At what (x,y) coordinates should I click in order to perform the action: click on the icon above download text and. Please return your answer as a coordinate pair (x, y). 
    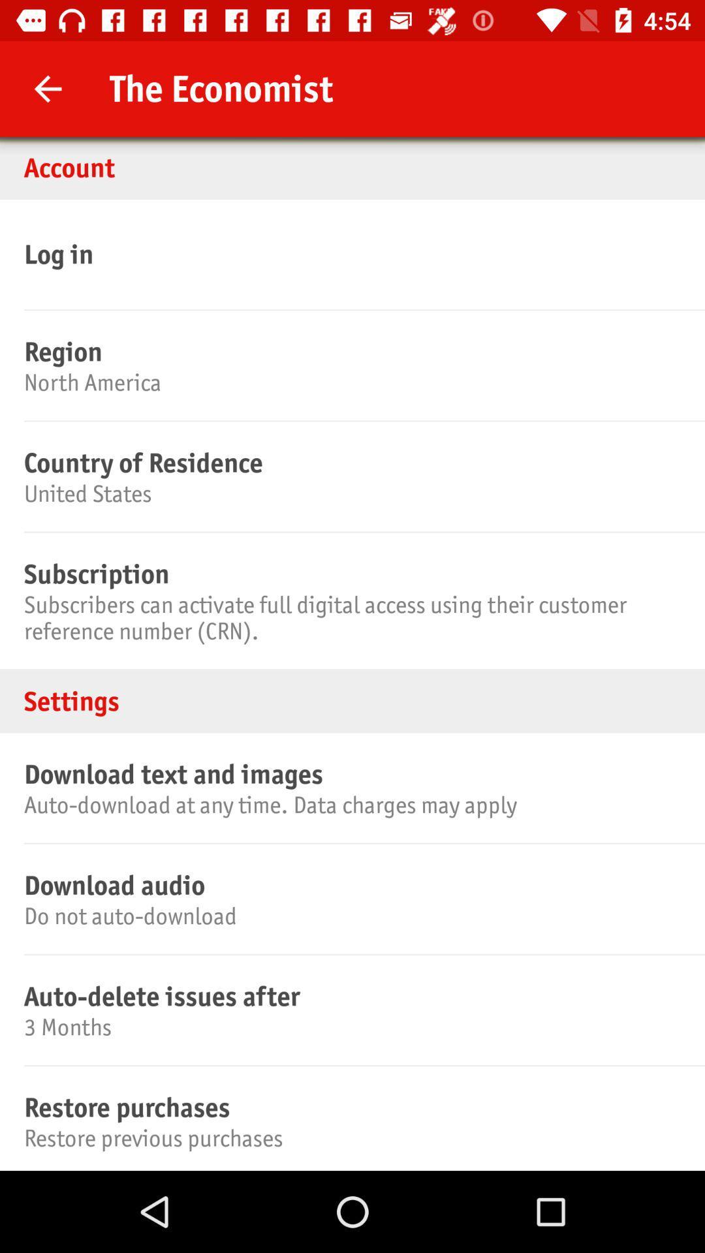
    Looking at the image, I should click on (352, 700).